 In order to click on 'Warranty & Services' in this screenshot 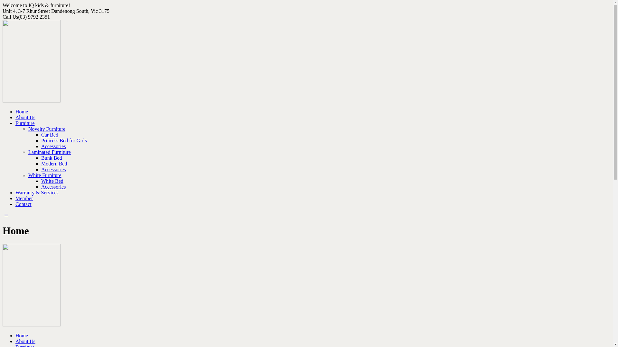, I will do `click(37, 192)`.